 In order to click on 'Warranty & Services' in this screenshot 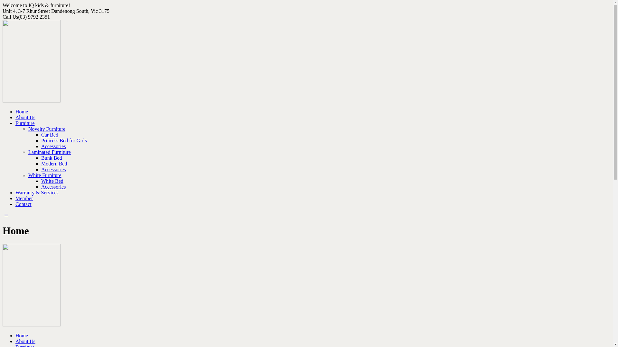, I will do `click(37, 192)`.